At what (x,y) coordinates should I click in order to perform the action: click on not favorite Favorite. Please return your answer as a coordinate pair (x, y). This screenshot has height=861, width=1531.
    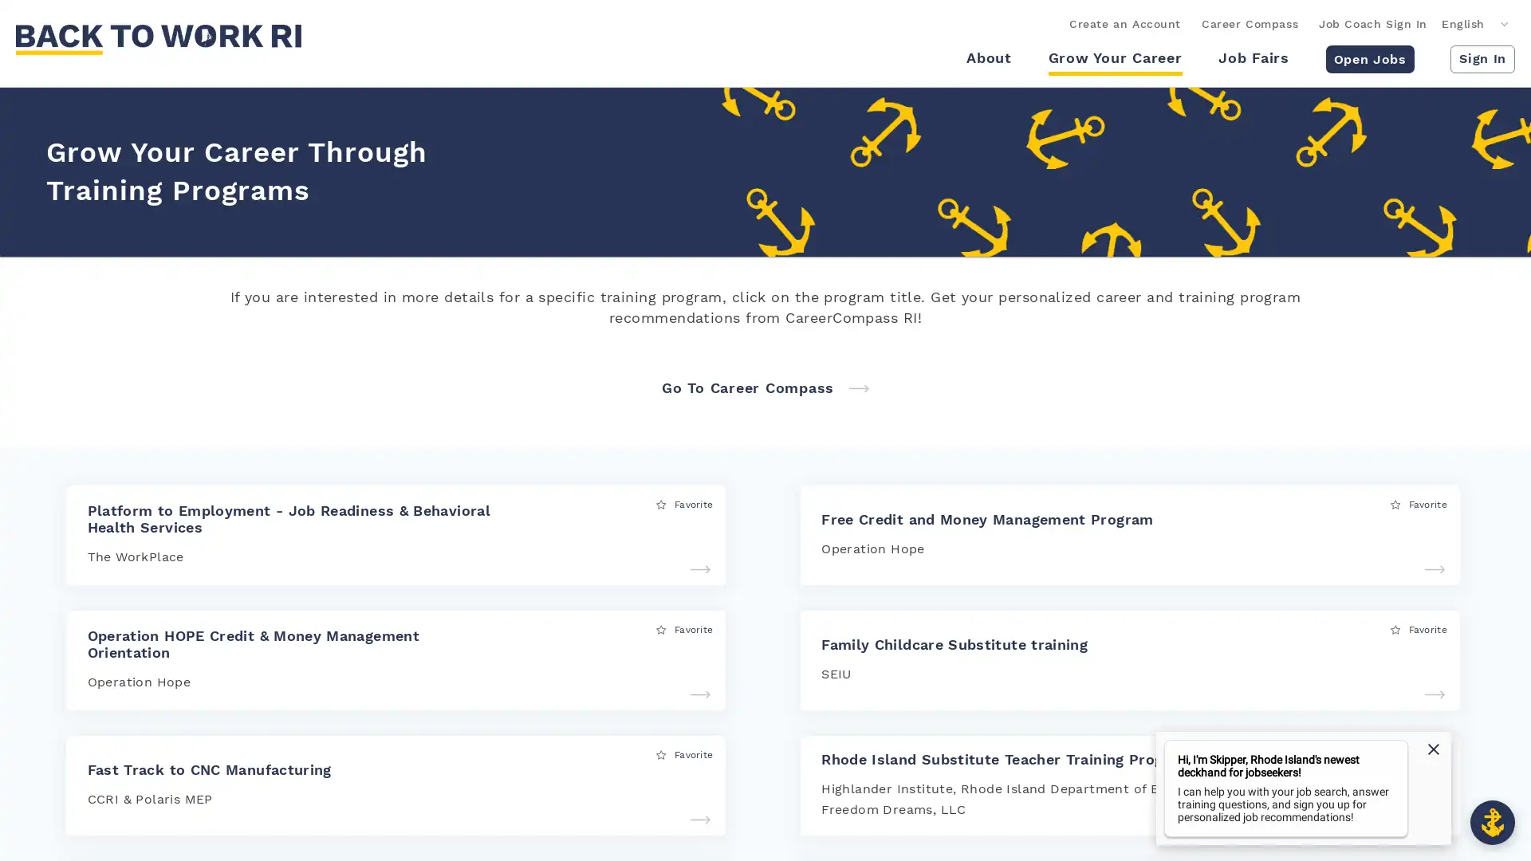
    Looking at the image, I should click on (1419, 504).